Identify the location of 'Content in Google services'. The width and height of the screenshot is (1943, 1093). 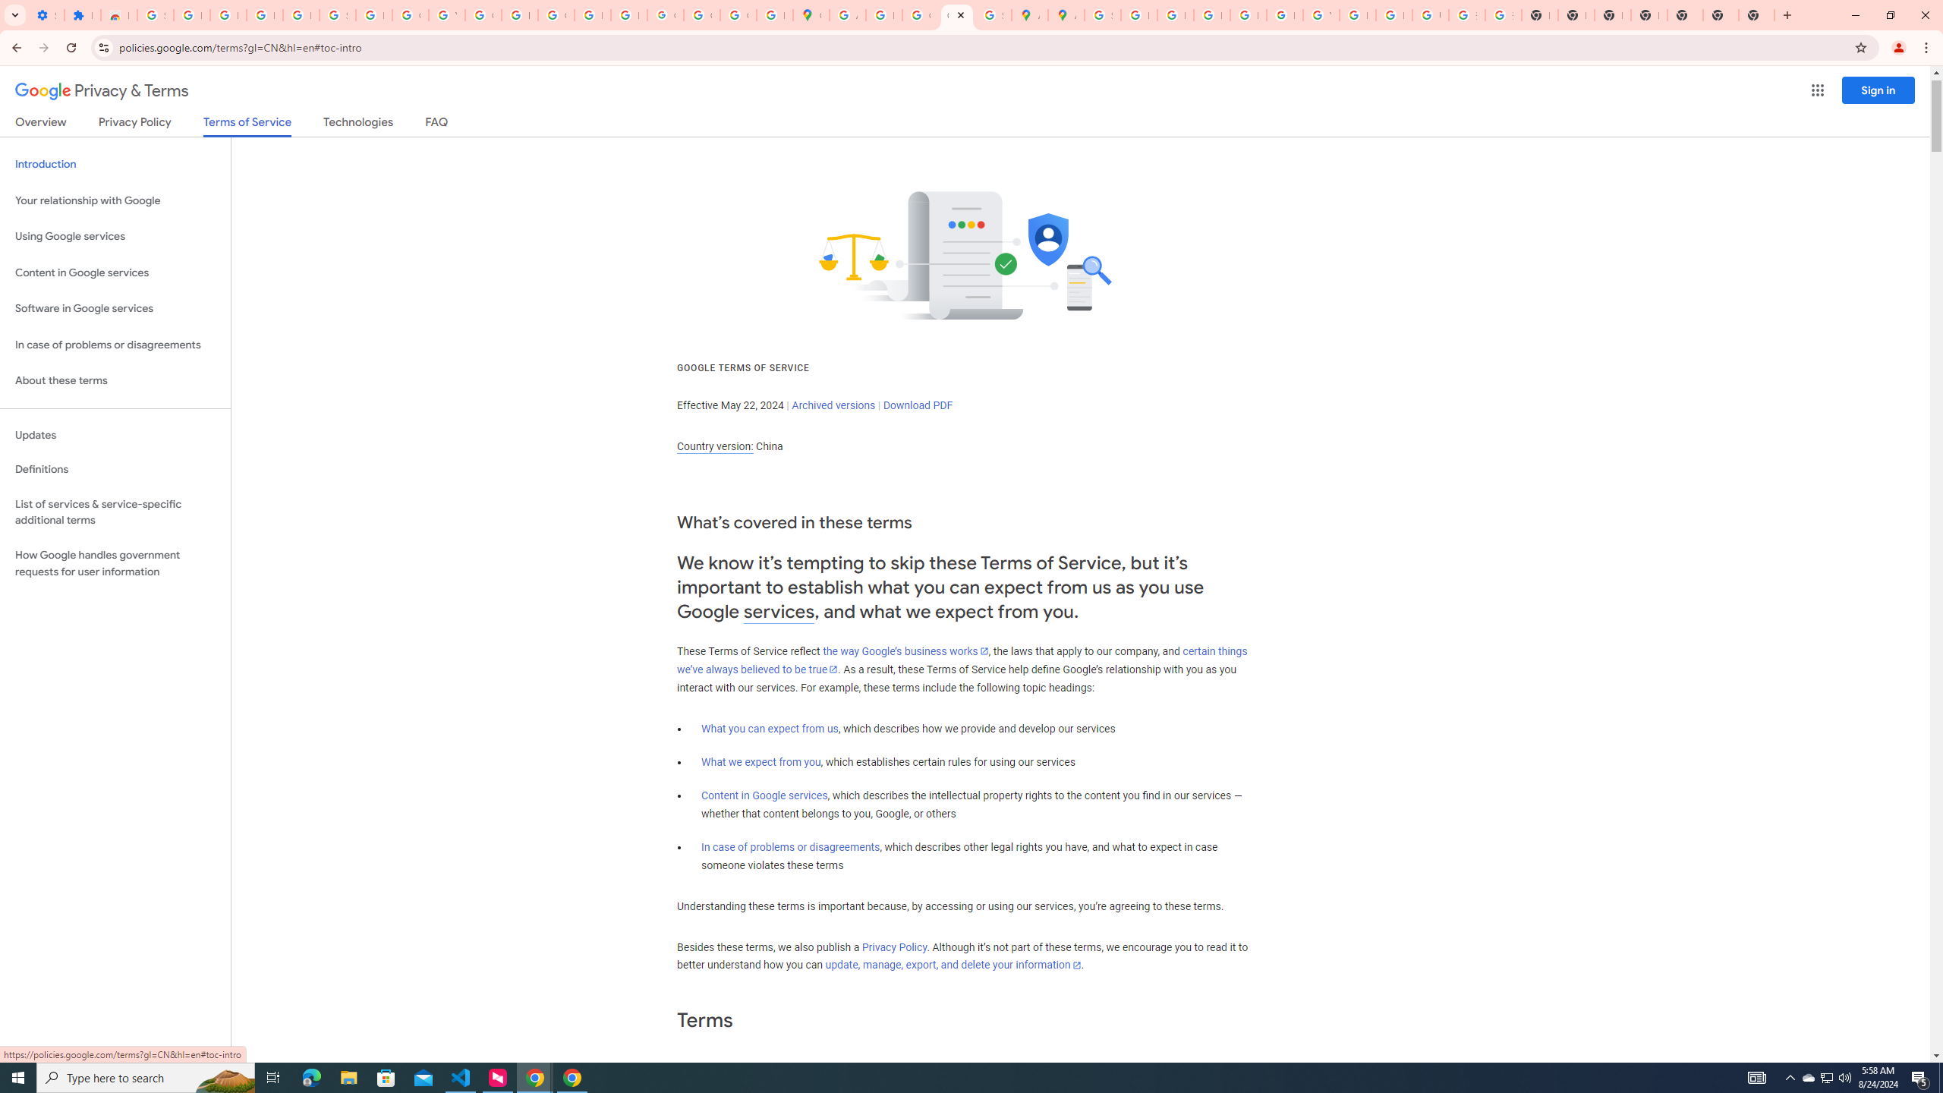
(764, 795).